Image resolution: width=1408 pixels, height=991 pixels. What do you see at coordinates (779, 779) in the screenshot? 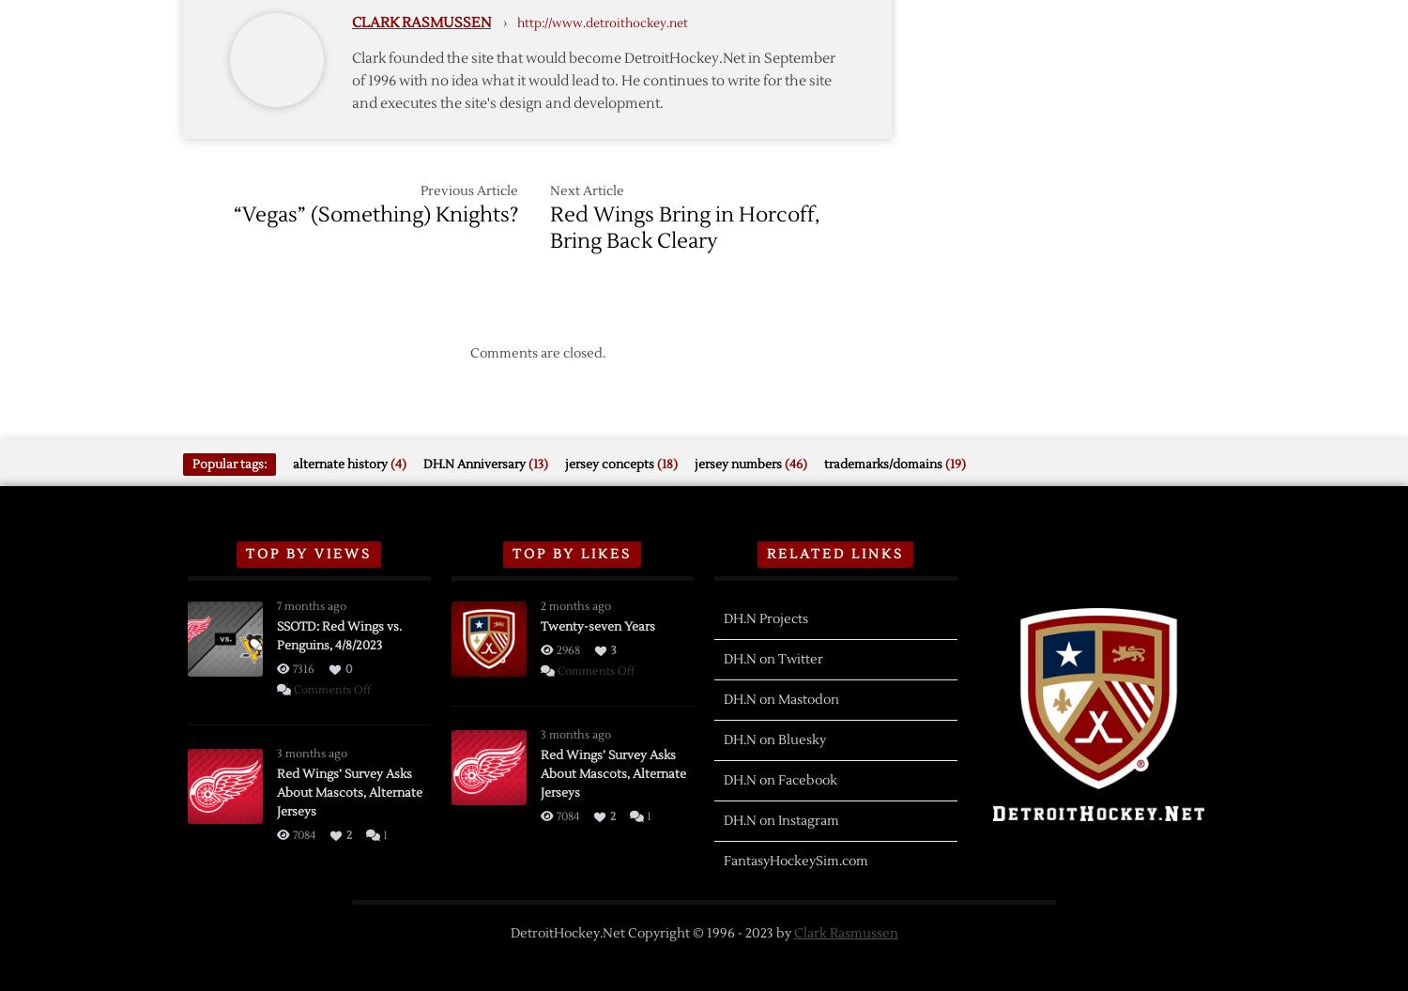
I see `'DH.N on Facebook'` at bounding box center [779, 779].